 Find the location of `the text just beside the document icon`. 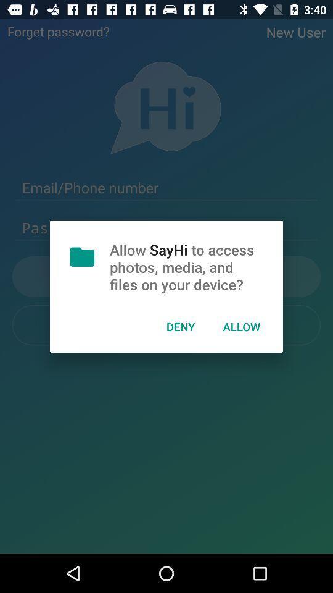

the text just beside the document icon is located at coordinates (166, 277).